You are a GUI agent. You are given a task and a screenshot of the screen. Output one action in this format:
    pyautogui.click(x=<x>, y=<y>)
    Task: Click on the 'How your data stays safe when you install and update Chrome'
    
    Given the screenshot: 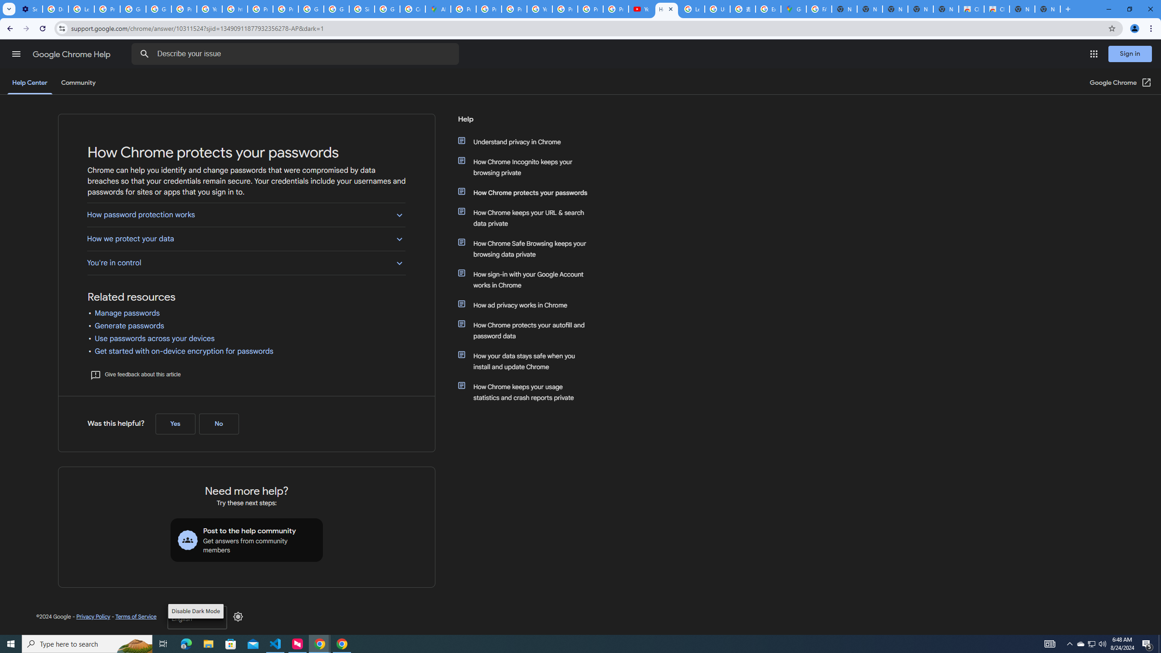 What is the action you would take?
    pyautogui.click(x=527, y=361)
    